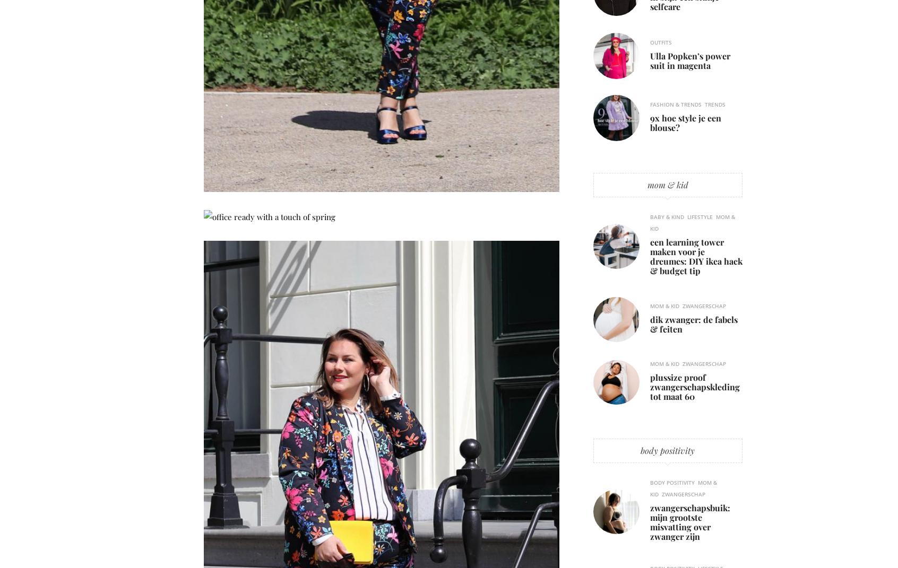 The height and width of the screenshot is (568, 898). Describe the element at coordinates (667, 217) in the screenshot. I see `'BABY & KIND'` at that location.